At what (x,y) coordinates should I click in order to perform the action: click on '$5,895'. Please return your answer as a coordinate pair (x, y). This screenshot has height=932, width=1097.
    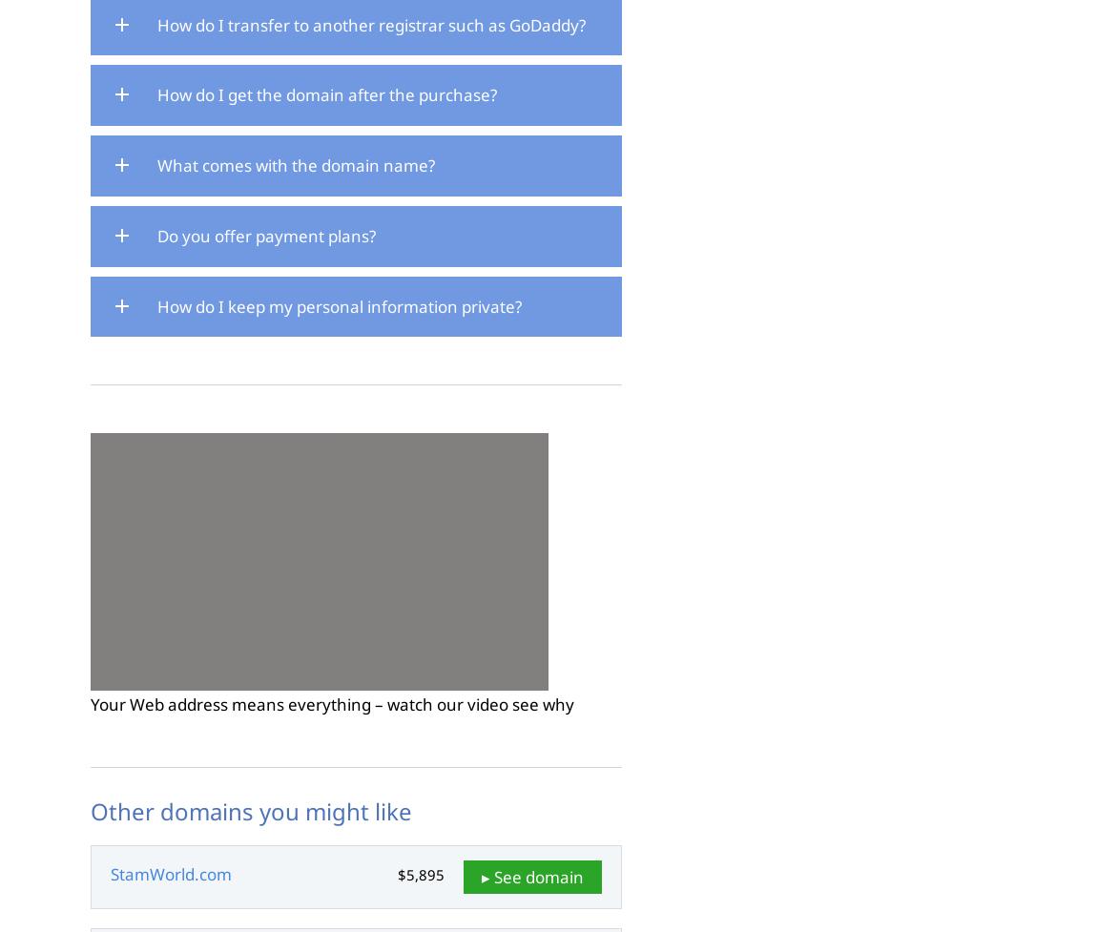
    Looking at the image, I should click on (421, 874).